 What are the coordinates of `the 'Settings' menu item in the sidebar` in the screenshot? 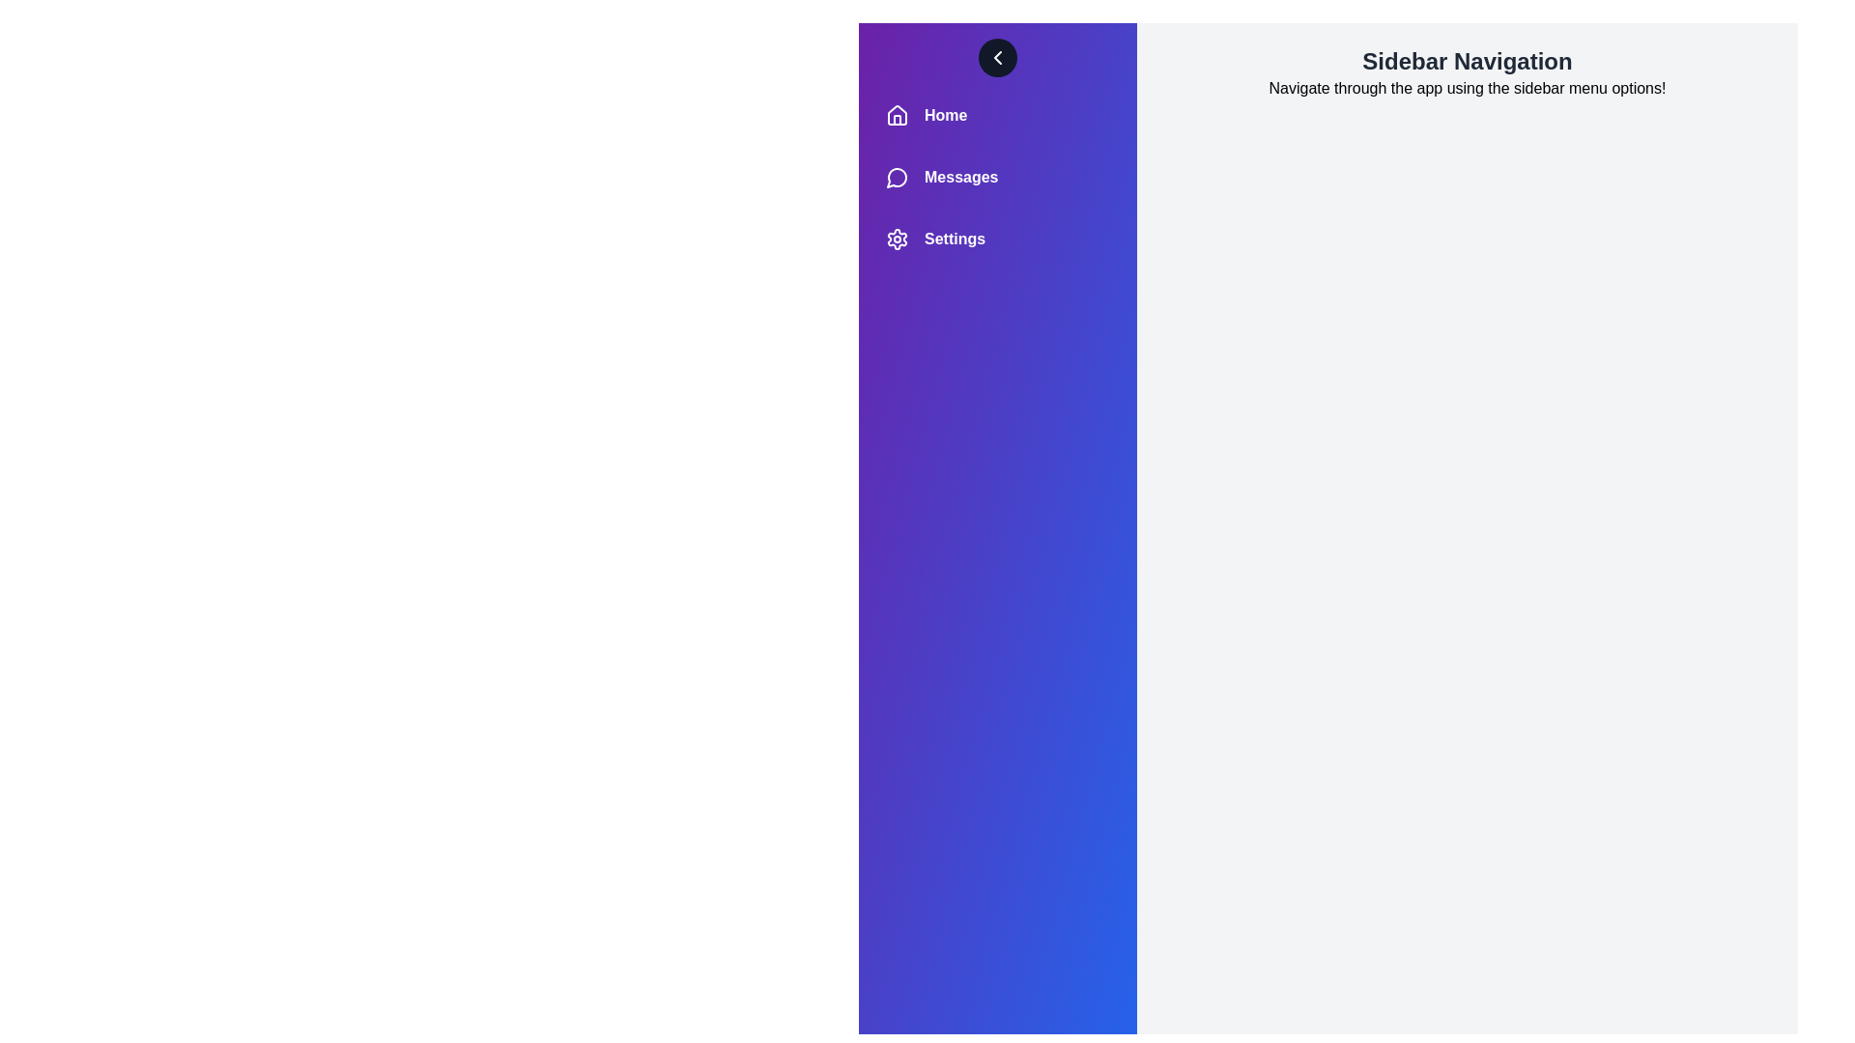 It's located at (997, 238).